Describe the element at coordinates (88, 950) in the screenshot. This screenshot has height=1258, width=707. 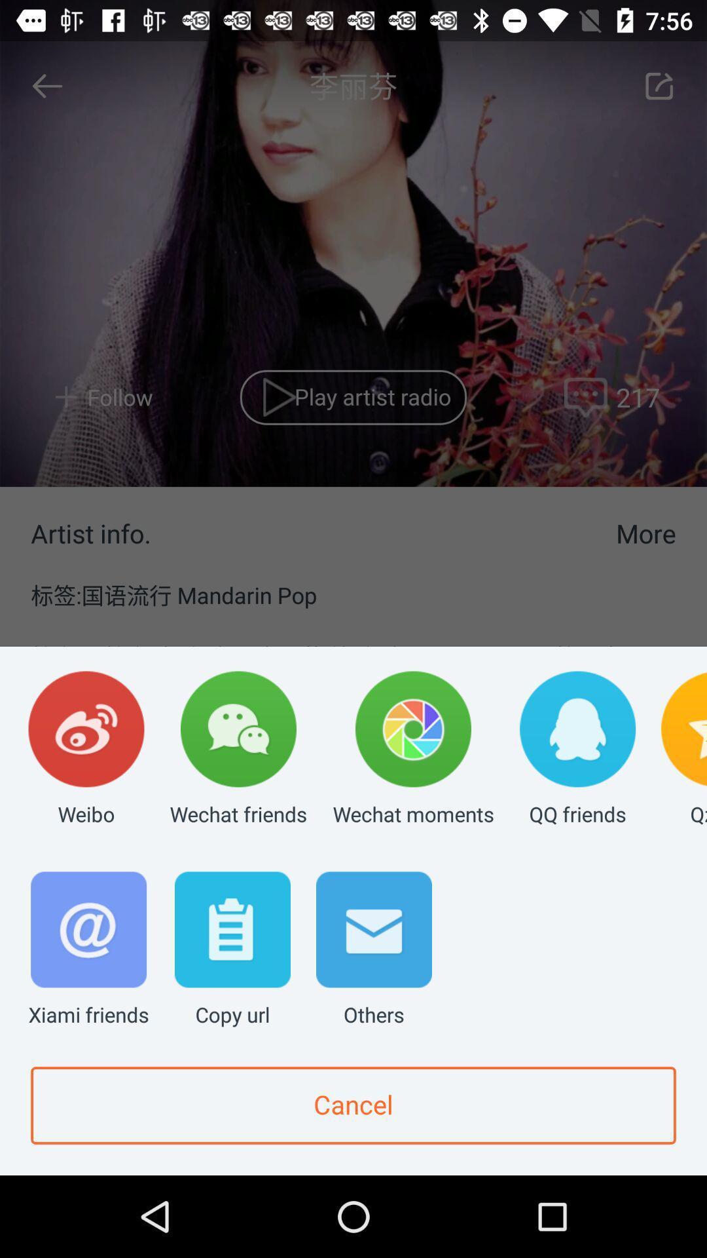
I see `the xiami friends item` at that location.